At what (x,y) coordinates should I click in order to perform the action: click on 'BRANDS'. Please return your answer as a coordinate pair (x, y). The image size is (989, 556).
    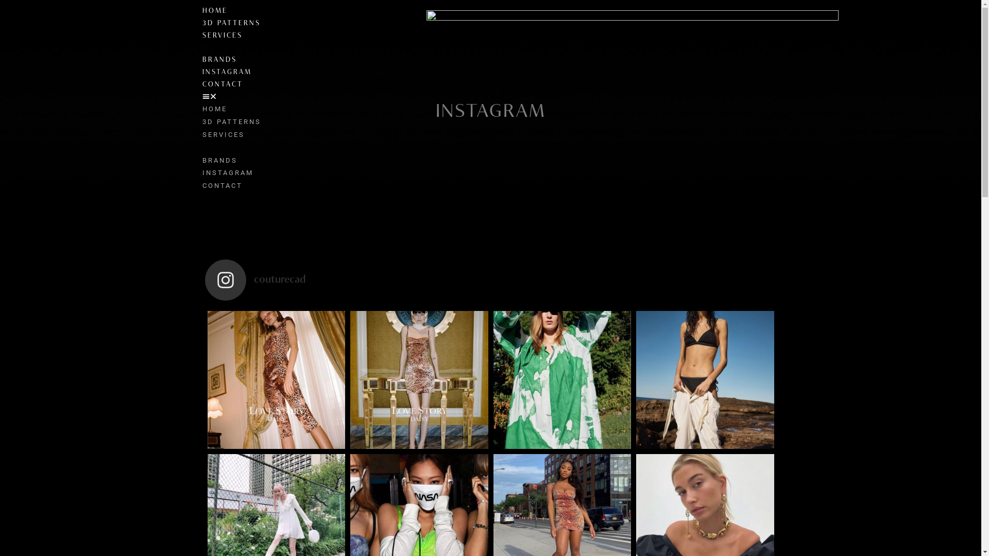
    Looking at the image, I should click on (218, 60).